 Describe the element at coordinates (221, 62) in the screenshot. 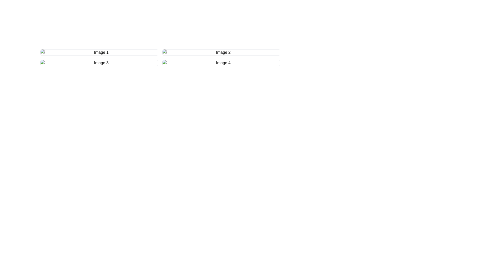

I see `the placeholder image element located below 'Image 4'` at that location.